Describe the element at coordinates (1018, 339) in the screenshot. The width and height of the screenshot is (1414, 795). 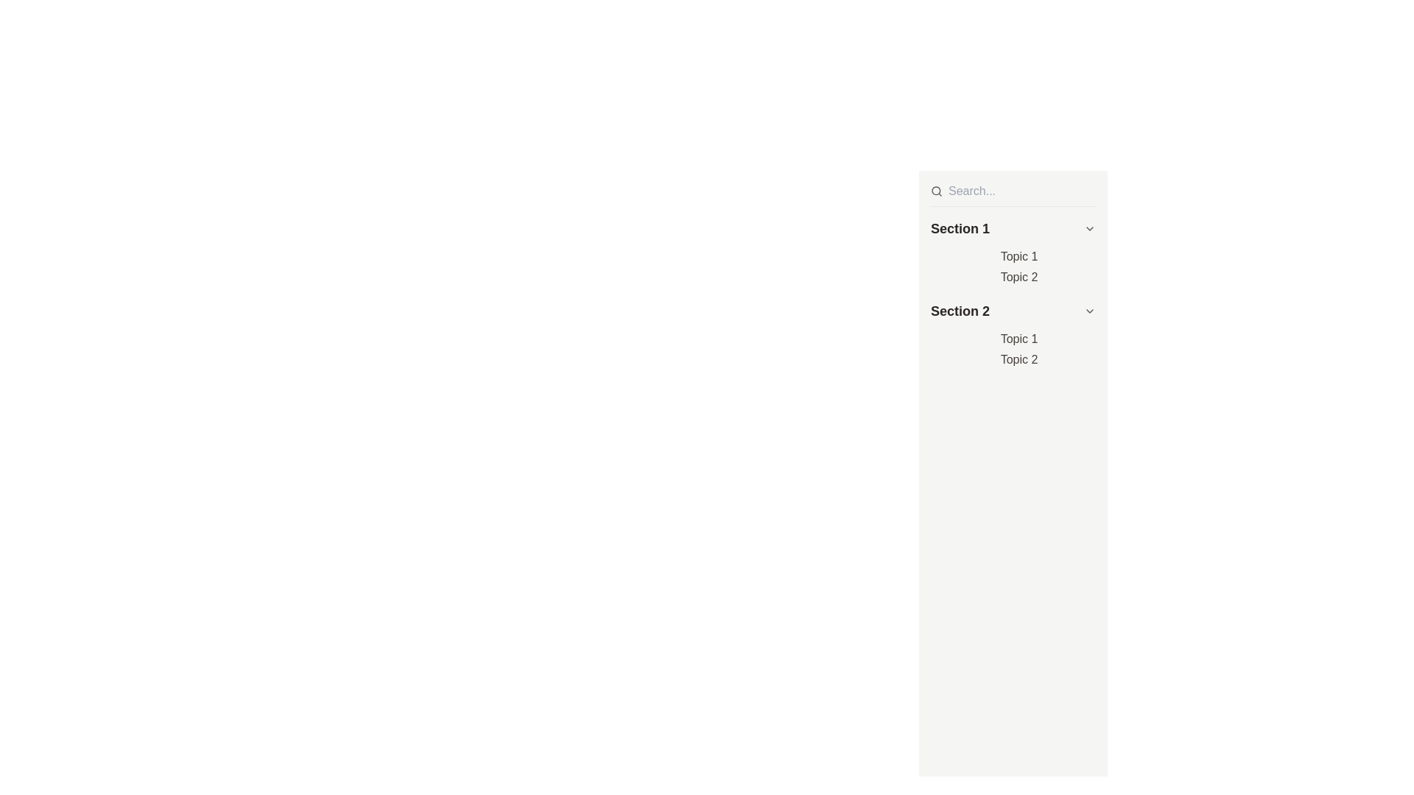
I see `the text label reading 'Topic 1'` at that location.